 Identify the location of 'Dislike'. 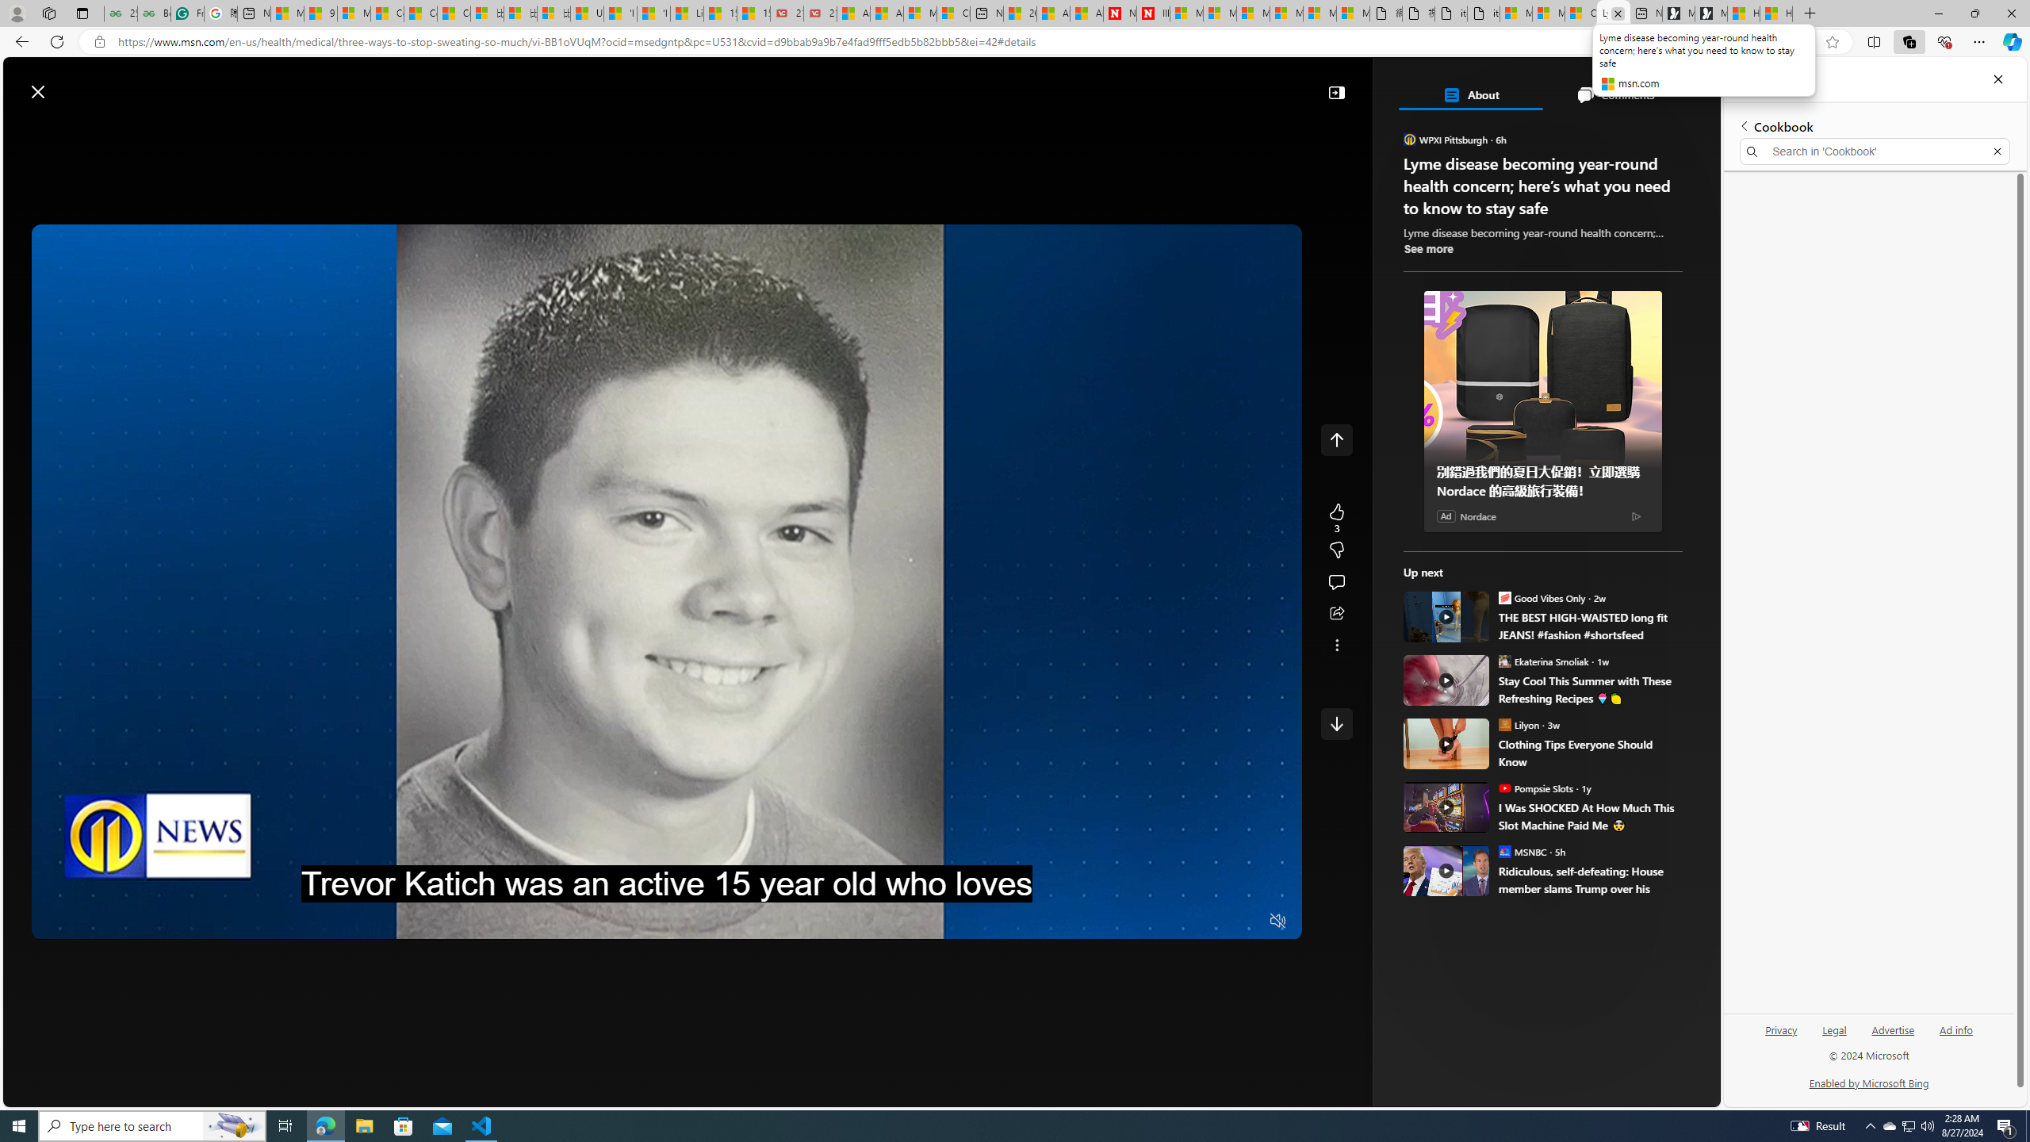
(1335, 550).